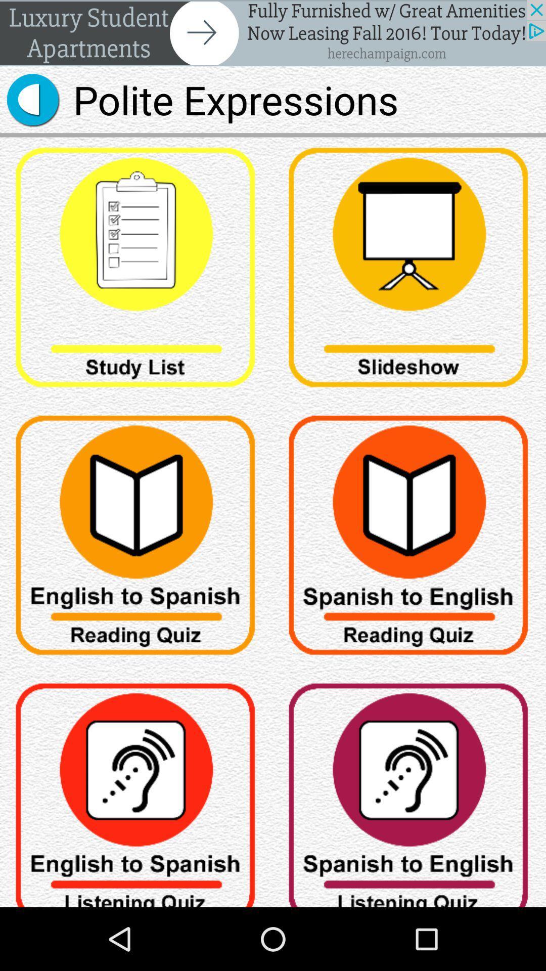  What do you see at coordinates (409, 271) in the screenshot?
I see `open slideshow screen` at bounding box center [409, 271].